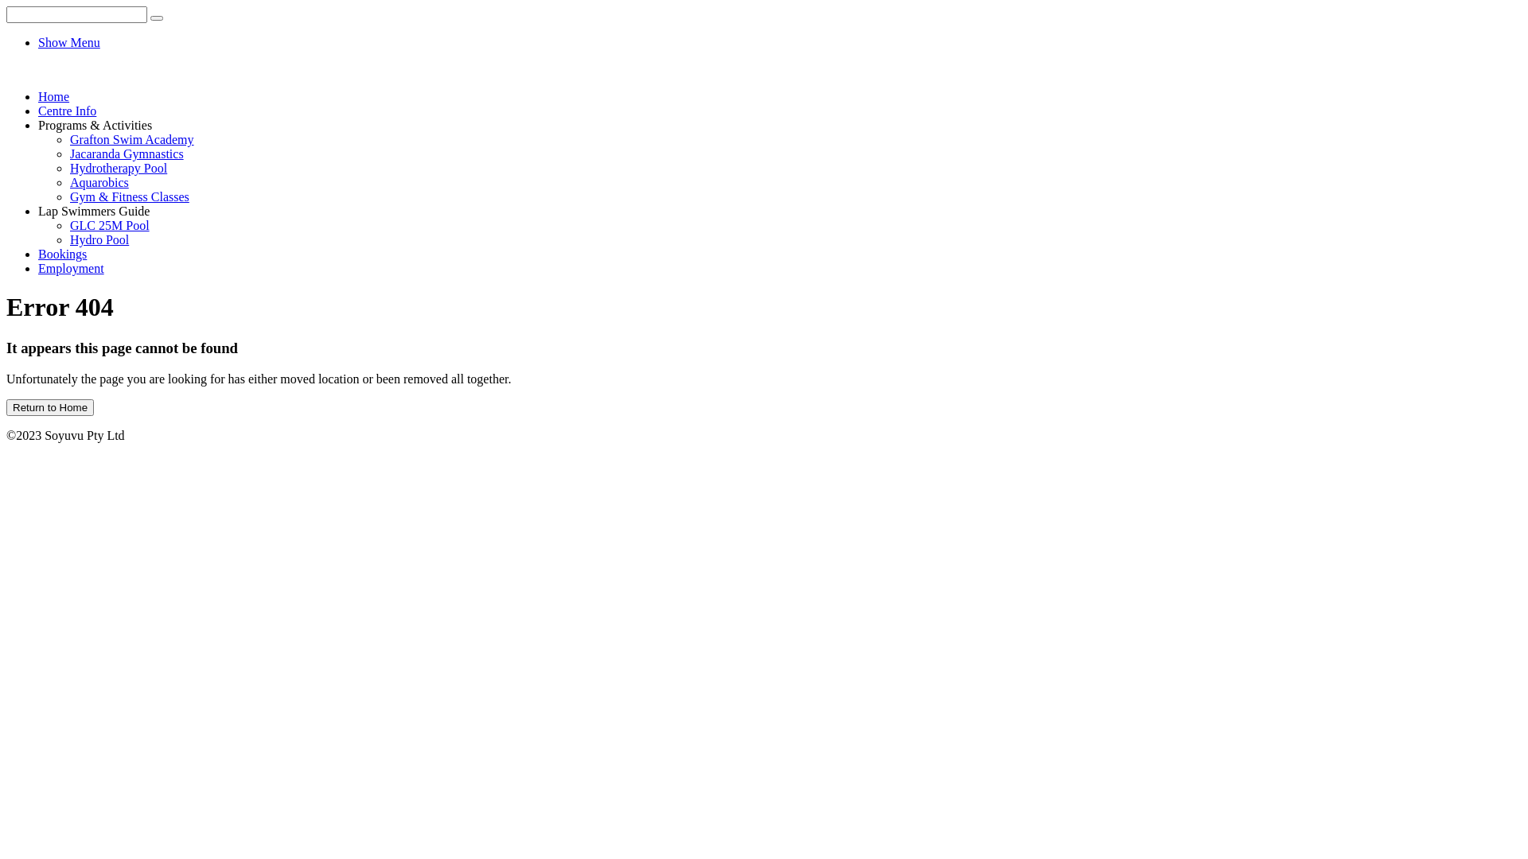 Image resolution: width=1528 pixels, height=859 pixels. Describe the element at coordinates (94, 124) in the screenshot. I see `'Programs & Activities'` at that location.